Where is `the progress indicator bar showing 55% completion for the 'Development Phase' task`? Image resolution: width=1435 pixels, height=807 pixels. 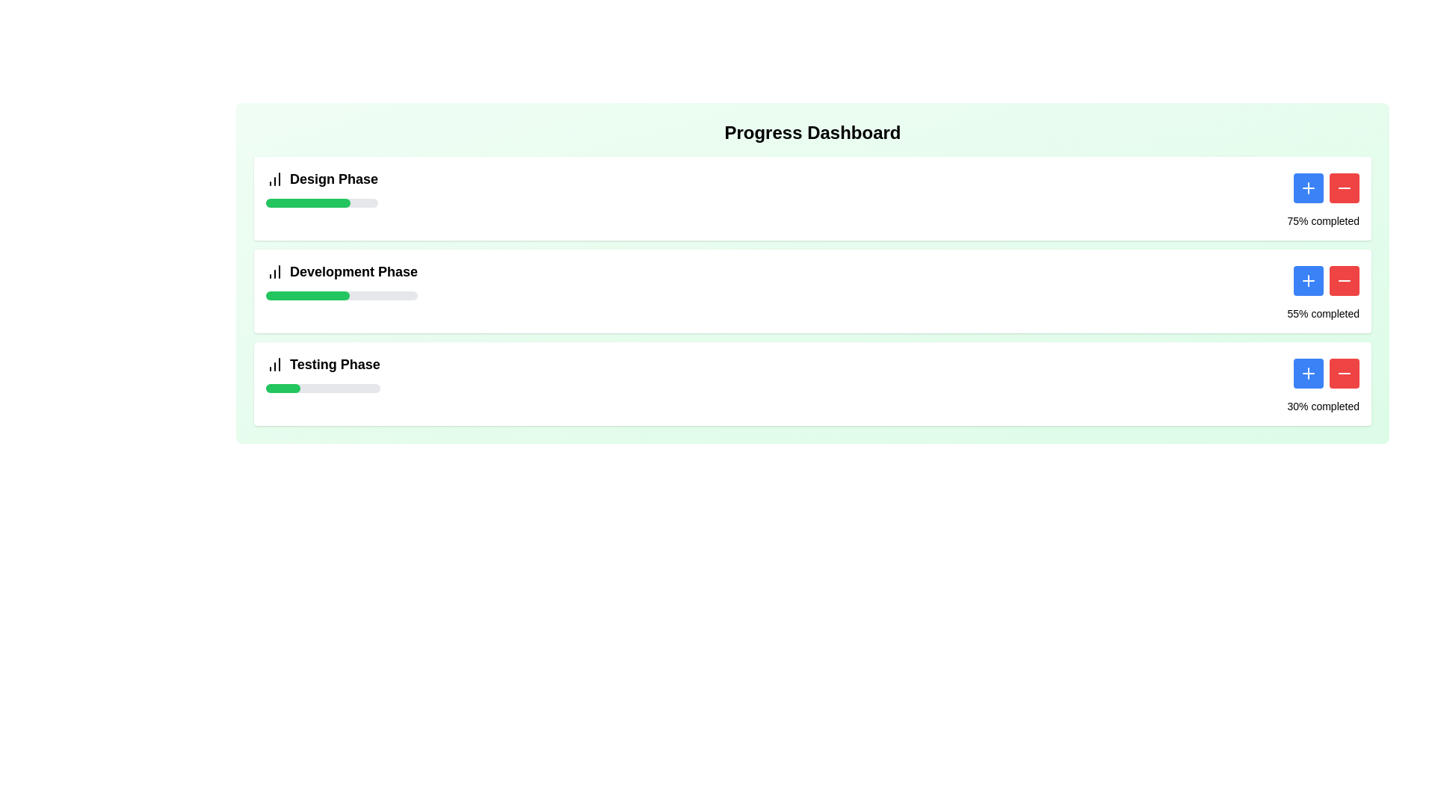
the progress indicator bar showing 55% completion for the 'Development Phase' task is located at coordinates (306, 296).